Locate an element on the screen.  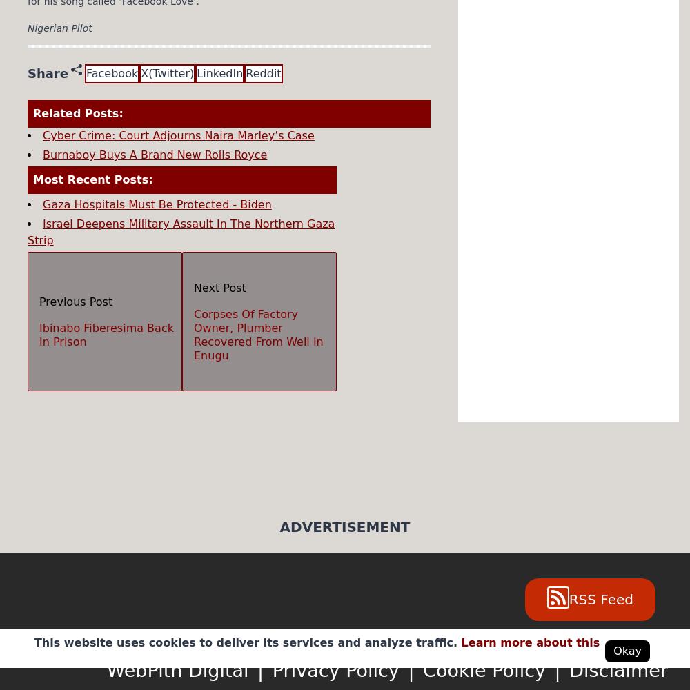
'WebPith Digital' is located at coordinates (177, 669).